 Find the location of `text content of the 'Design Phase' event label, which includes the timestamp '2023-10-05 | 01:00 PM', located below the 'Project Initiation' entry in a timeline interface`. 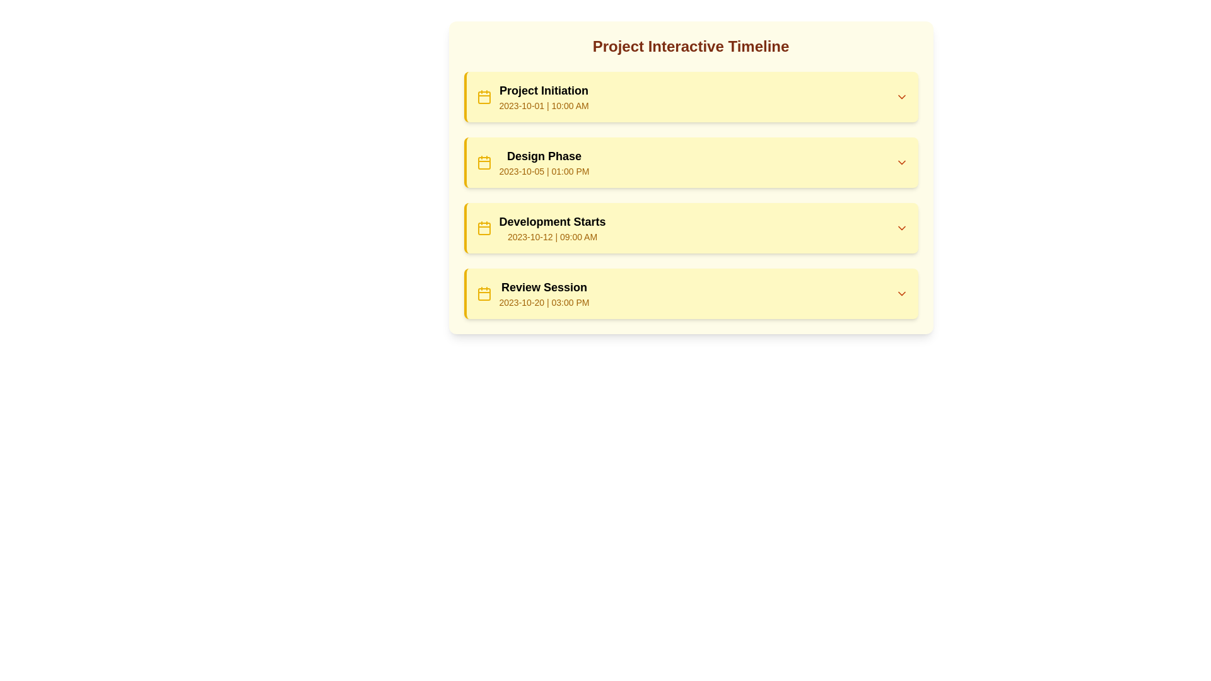

text content of the 'Design Phase' event label, which includes the timestamp '2023-10-05 | 01:00 PM', located below the 'Project Initiation' entry in a timeline interface is located at coordinates (532, 162).